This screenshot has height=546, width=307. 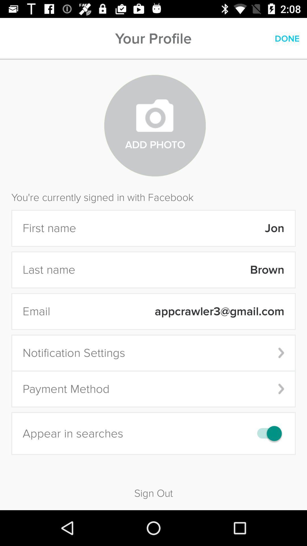 What do you see at coordinates (153, 353) in the screenshot?
I see `the notification settings icon` at bounding box center [153, 353].